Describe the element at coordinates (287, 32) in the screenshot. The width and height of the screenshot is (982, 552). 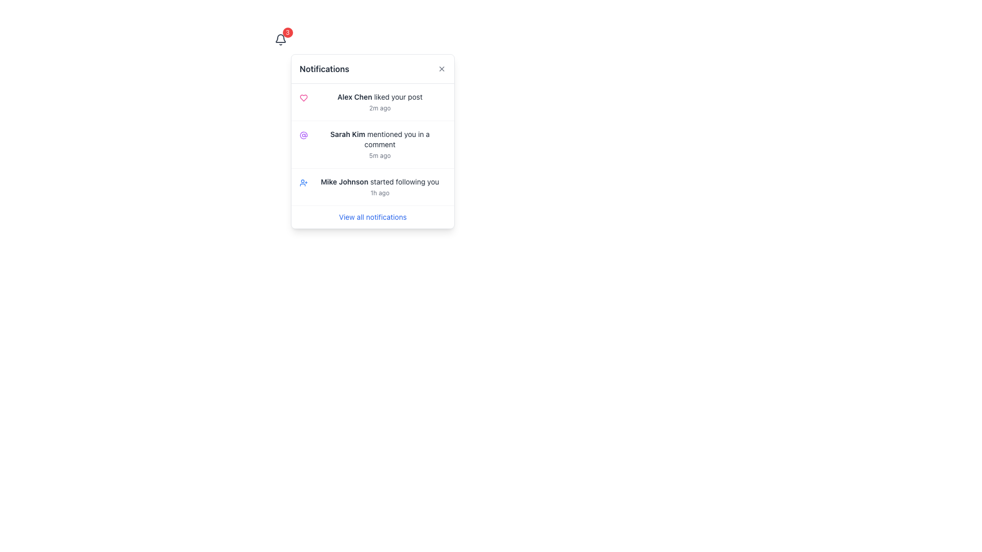
I see `the Notification indicator located at the top-right of the notification bell icon, which displays the number of unread notifications` at that location.